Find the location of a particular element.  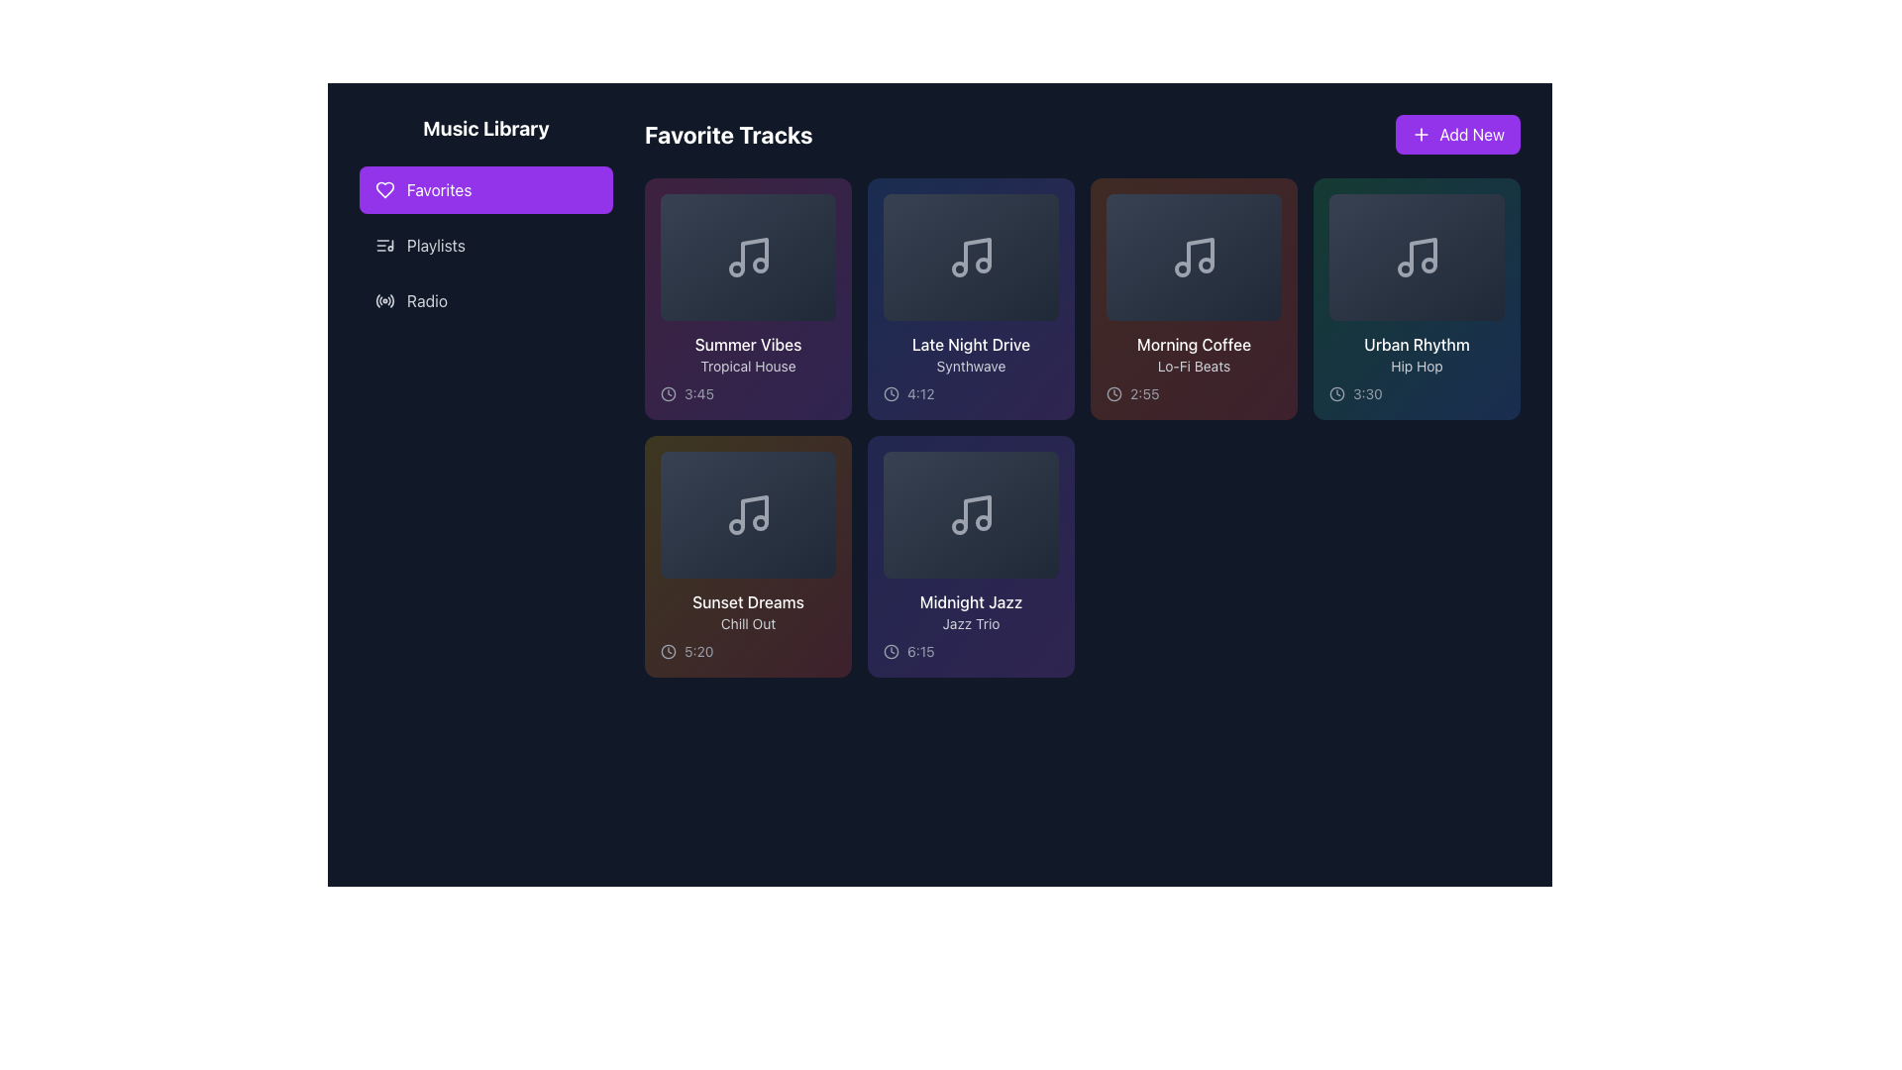

the text label displaying the title 'Urban Rhythm', located in the top-right section of the 'Favorite Tracks' grid layout, specifically in the sixth card is located at coordinates (1416, 343).